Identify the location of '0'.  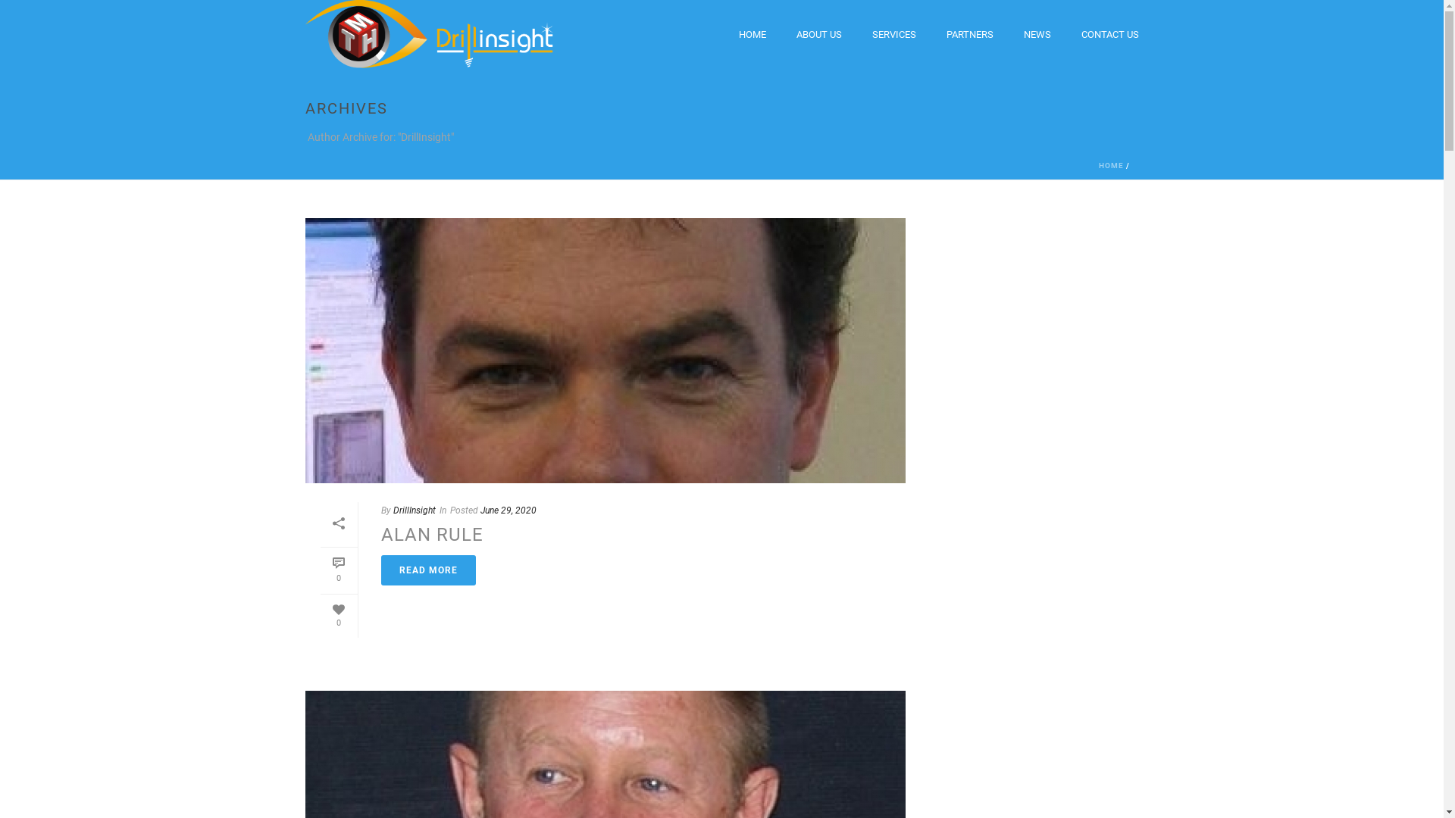
(337, 570).